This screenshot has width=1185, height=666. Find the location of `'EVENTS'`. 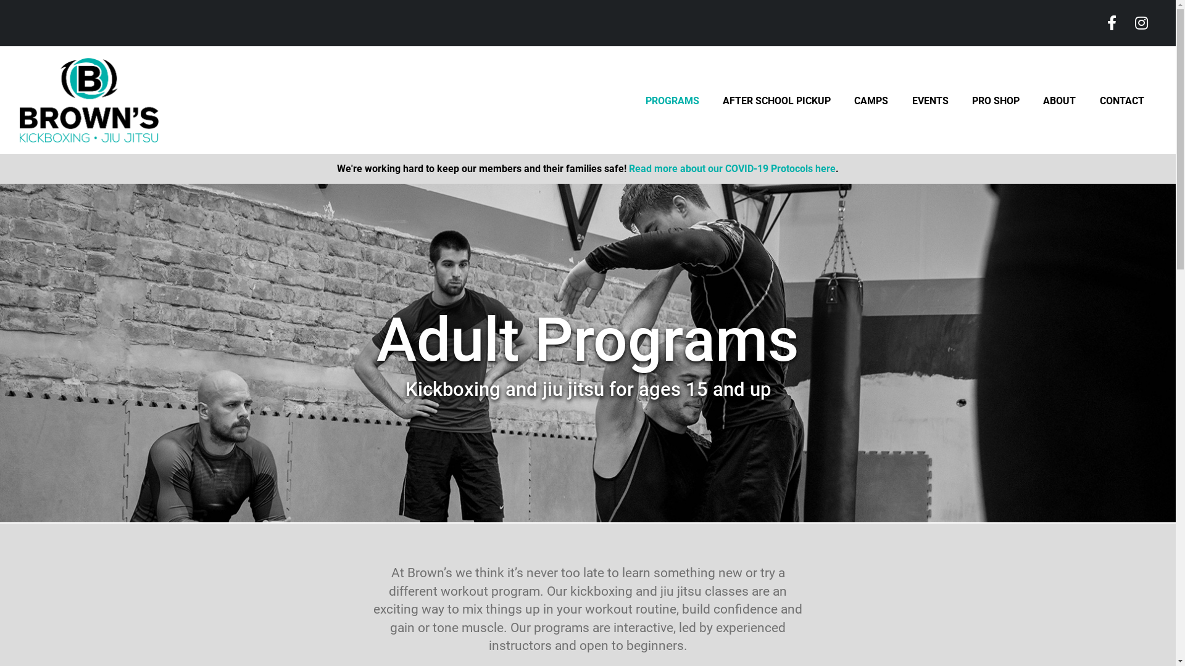

'EVENTS' is located at coordinates (930, 106).